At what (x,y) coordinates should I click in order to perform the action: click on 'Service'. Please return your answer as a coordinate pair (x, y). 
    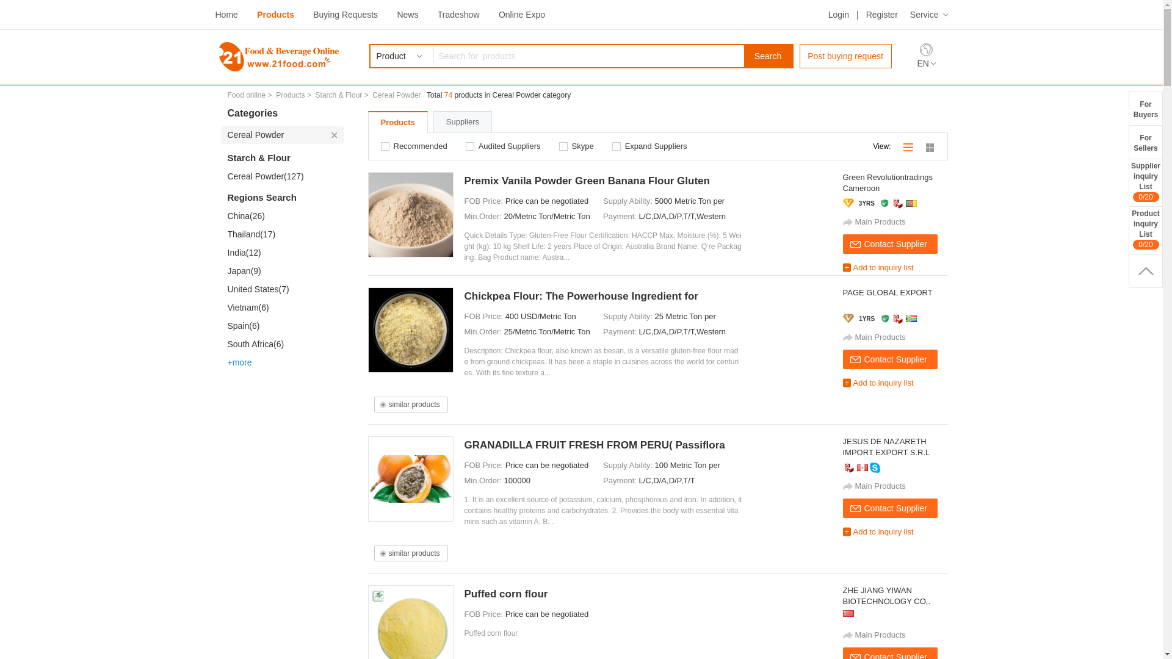
    Looking at the image, I should click on (910, 14).